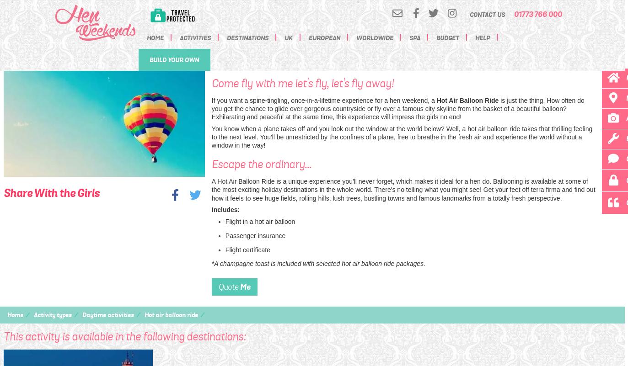 The height and width of the screenshot is (366, 628). What do you see at coordinates (225, 209) in the screenshot?
I see `'Includes:'` at bounding box center [225, 209].